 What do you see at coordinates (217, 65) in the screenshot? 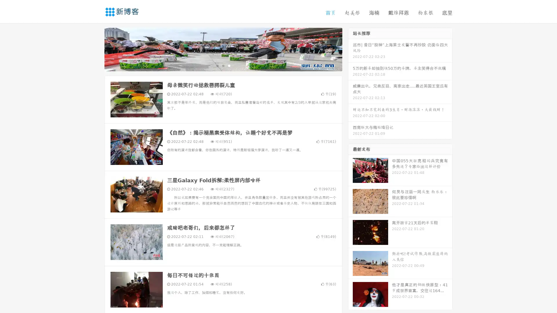
I see `Go to slide 1` at bounding box center [217, 65].